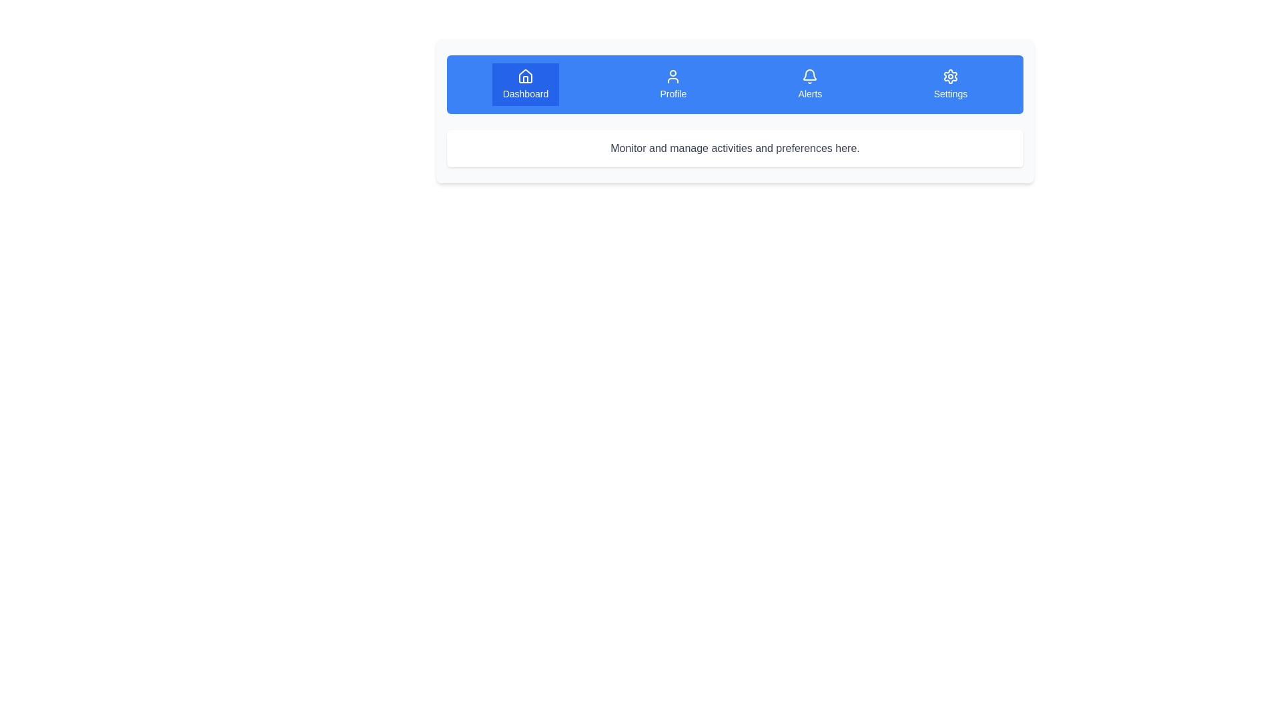  Describe the element at coordinates (673, 77) in the screenshot. I see `the user profile icon button located in the navigation bar, which is the second option from the left labeled 'Profile'` at that location.